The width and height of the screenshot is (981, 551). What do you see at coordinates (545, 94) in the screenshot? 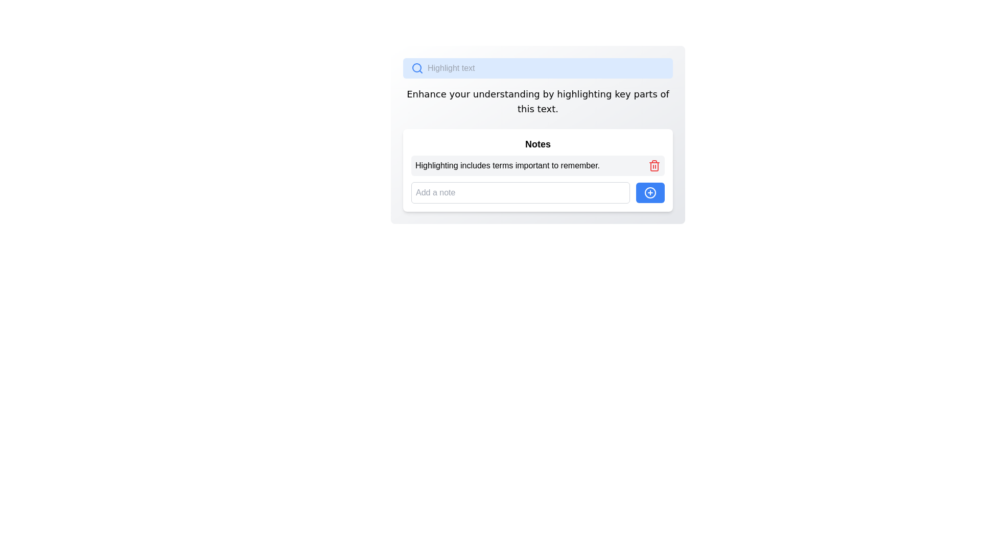
I see `the character 'b' in the sentence 'Enhance your understanding by highlighting key parts of this text.'` at bounding box center [545, 94].